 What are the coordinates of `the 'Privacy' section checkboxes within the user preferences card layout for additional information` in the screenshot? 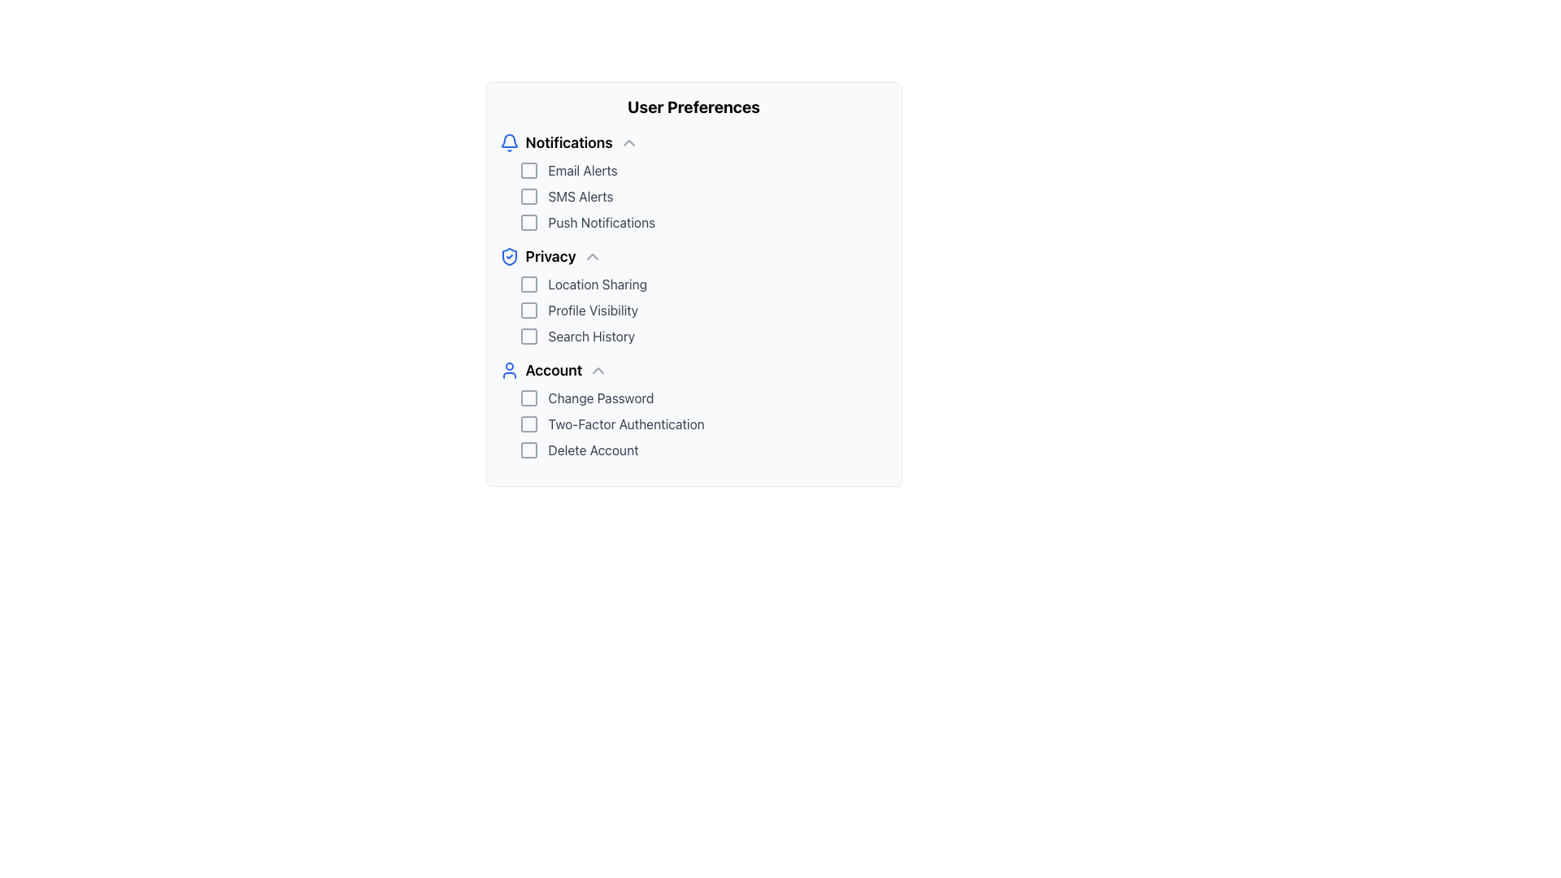 It's located at (694, 295).